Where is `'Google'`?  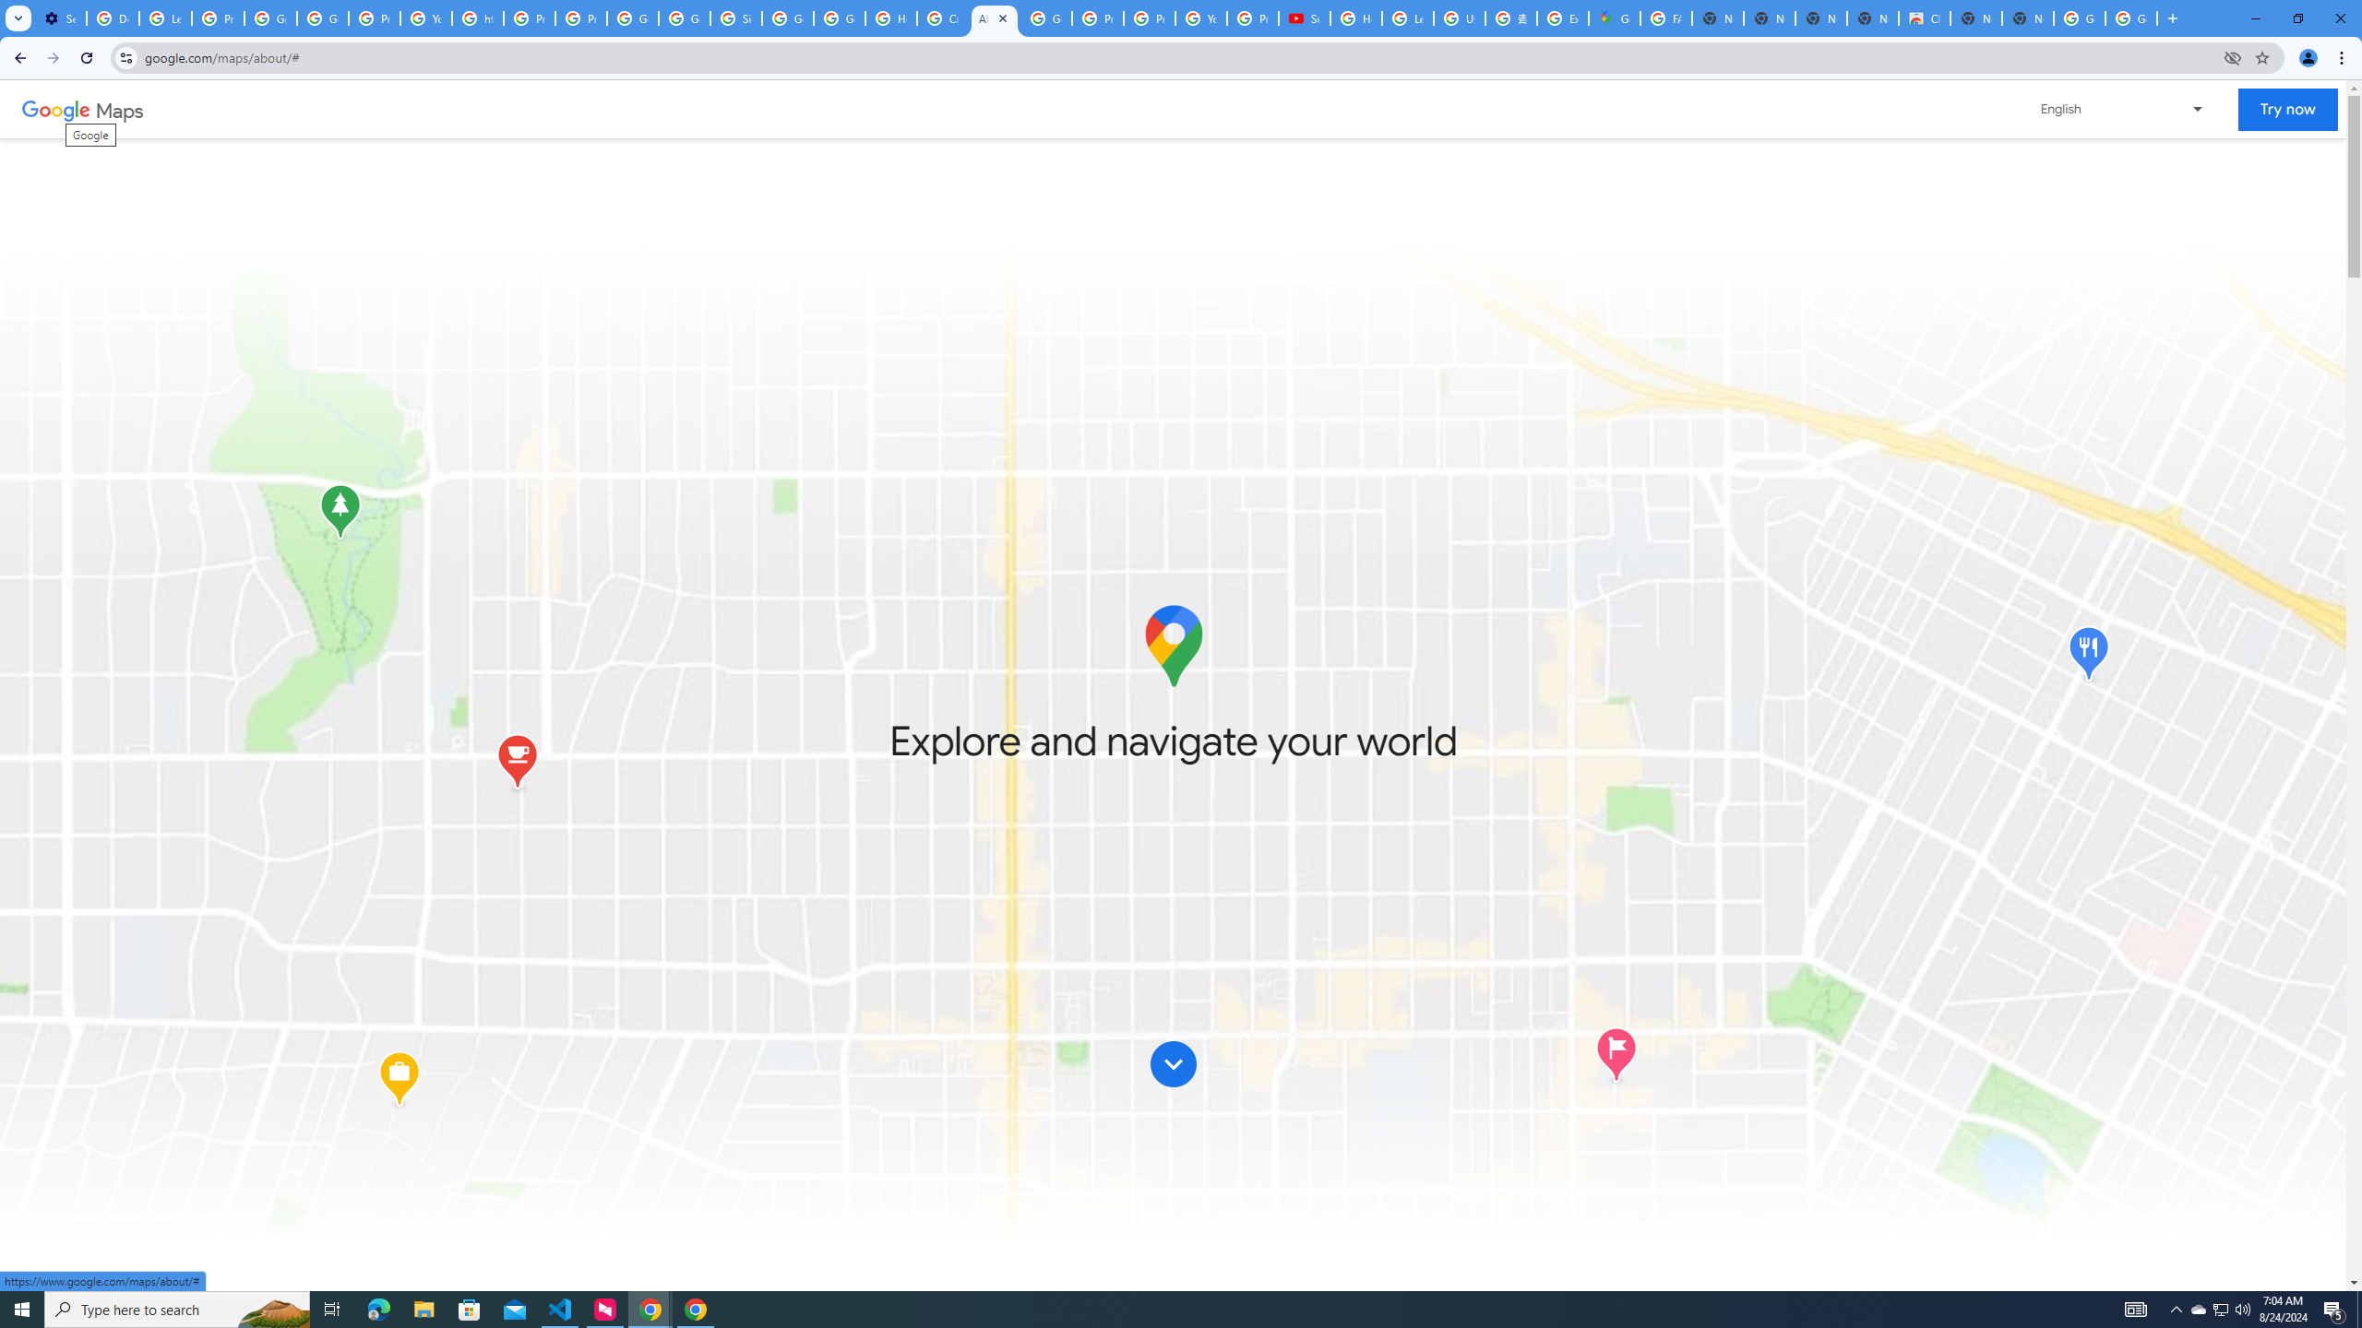 'Google' is located at coordinates (55, 109).